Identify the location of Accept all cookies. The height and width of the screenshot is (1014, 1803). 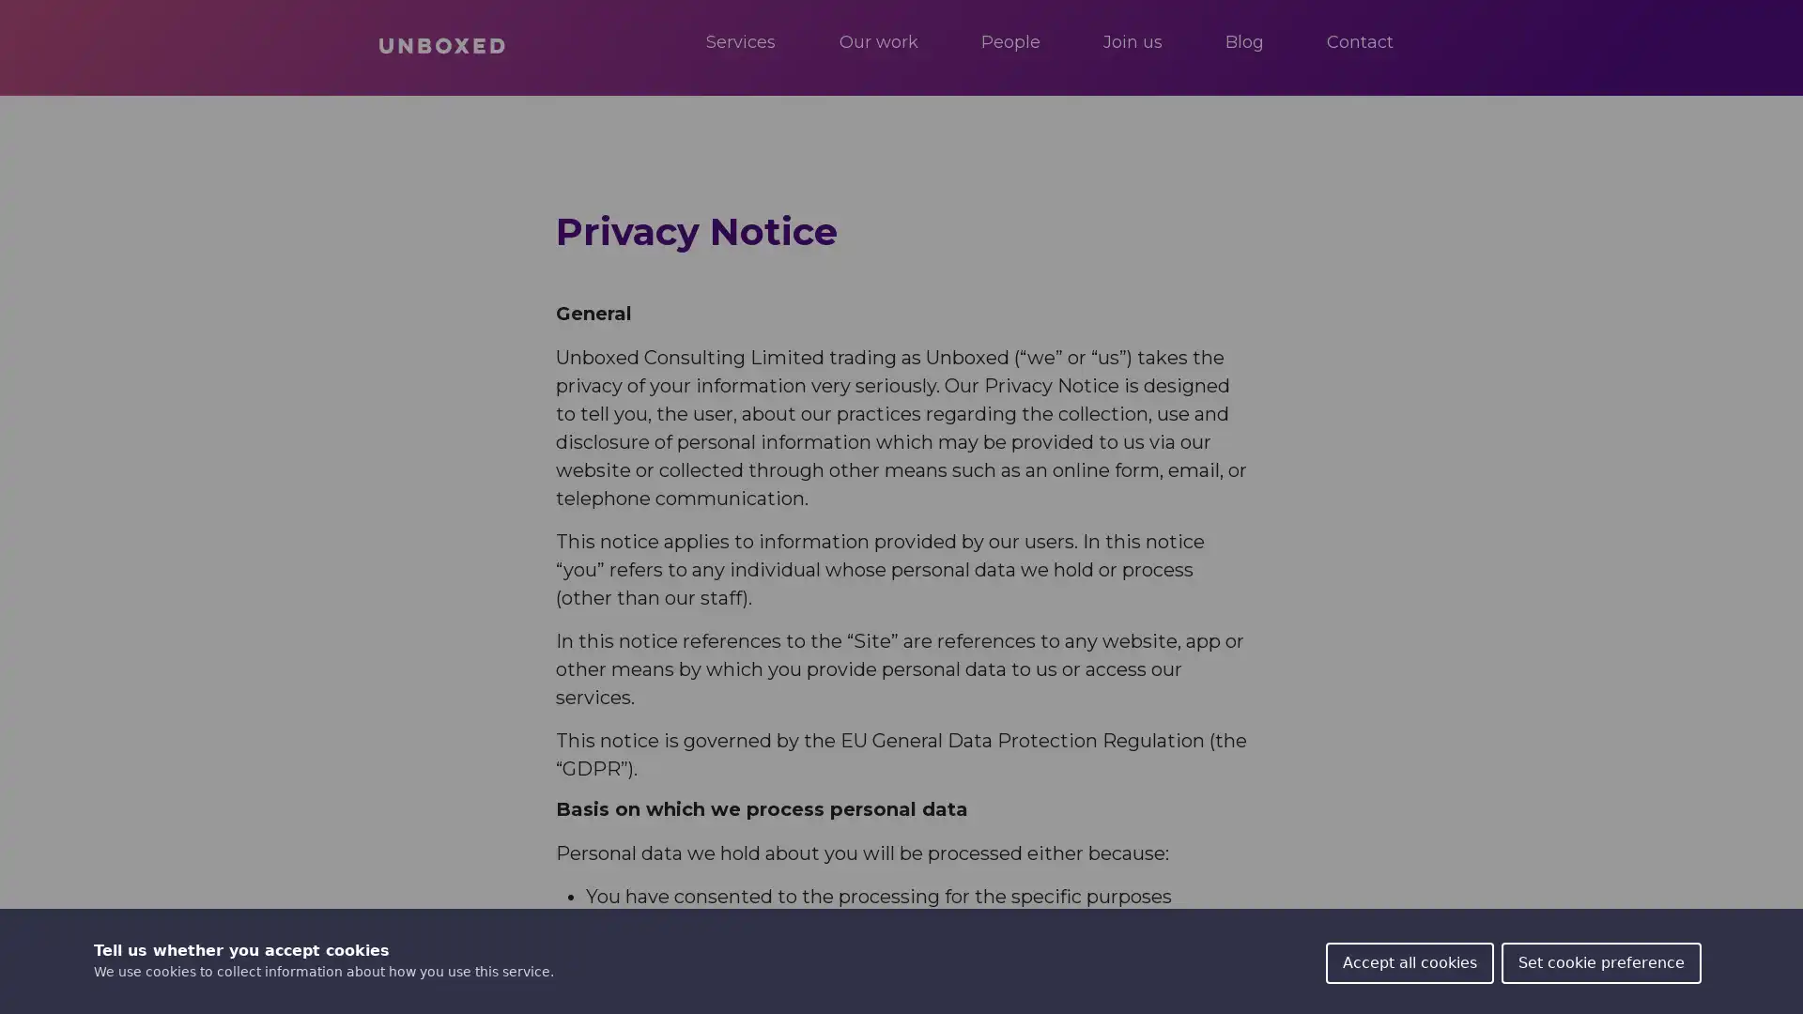
(1410, 963).